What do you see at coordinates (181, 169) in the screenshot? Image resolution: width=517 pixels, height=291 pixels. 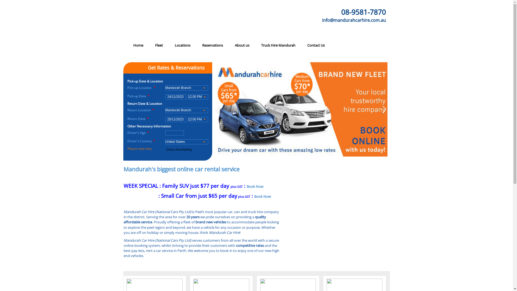 I see `'Mandurah's biggest online car rental service'` at bounding box center [181, 169].